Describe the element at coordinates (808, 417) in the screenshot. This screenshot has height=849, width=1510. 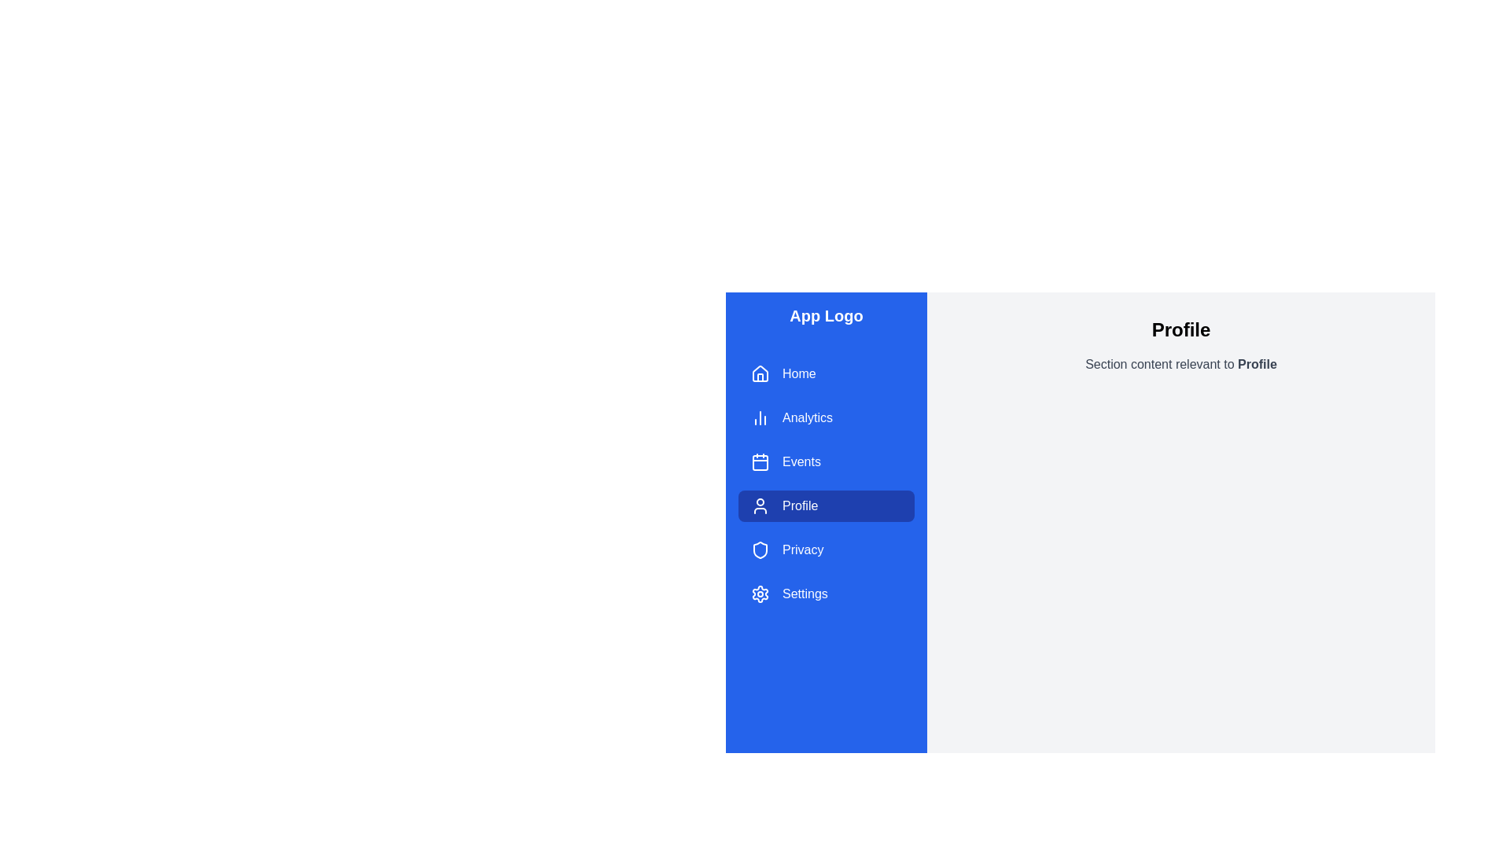
I see `the 'Analytics' text label located within the second button of the vertically aligned sidebar menu` at that location.